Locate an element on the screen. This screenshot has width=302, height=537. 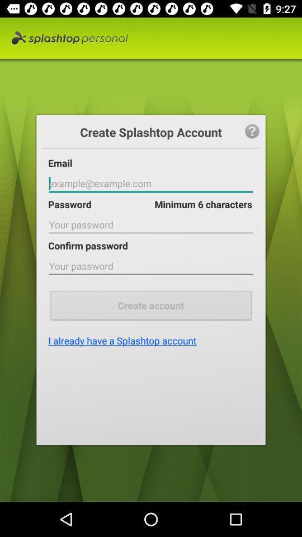
password text is located at coordinates (151, 266).